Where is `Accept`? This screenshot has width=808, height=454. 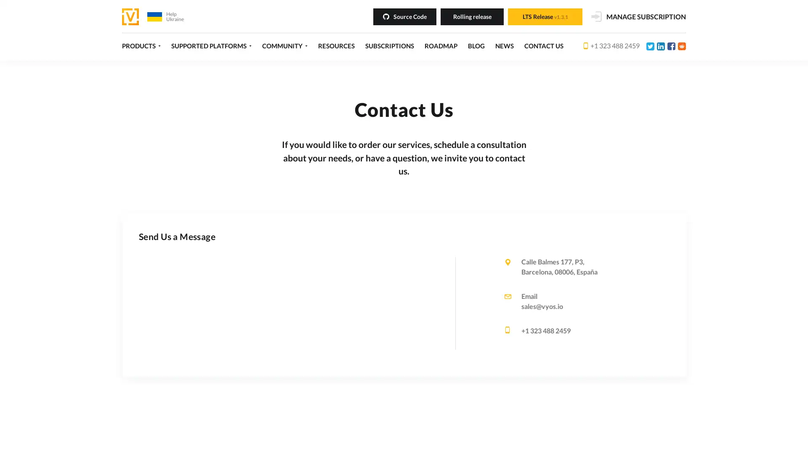 Accept is located at coordinates (518, 434).